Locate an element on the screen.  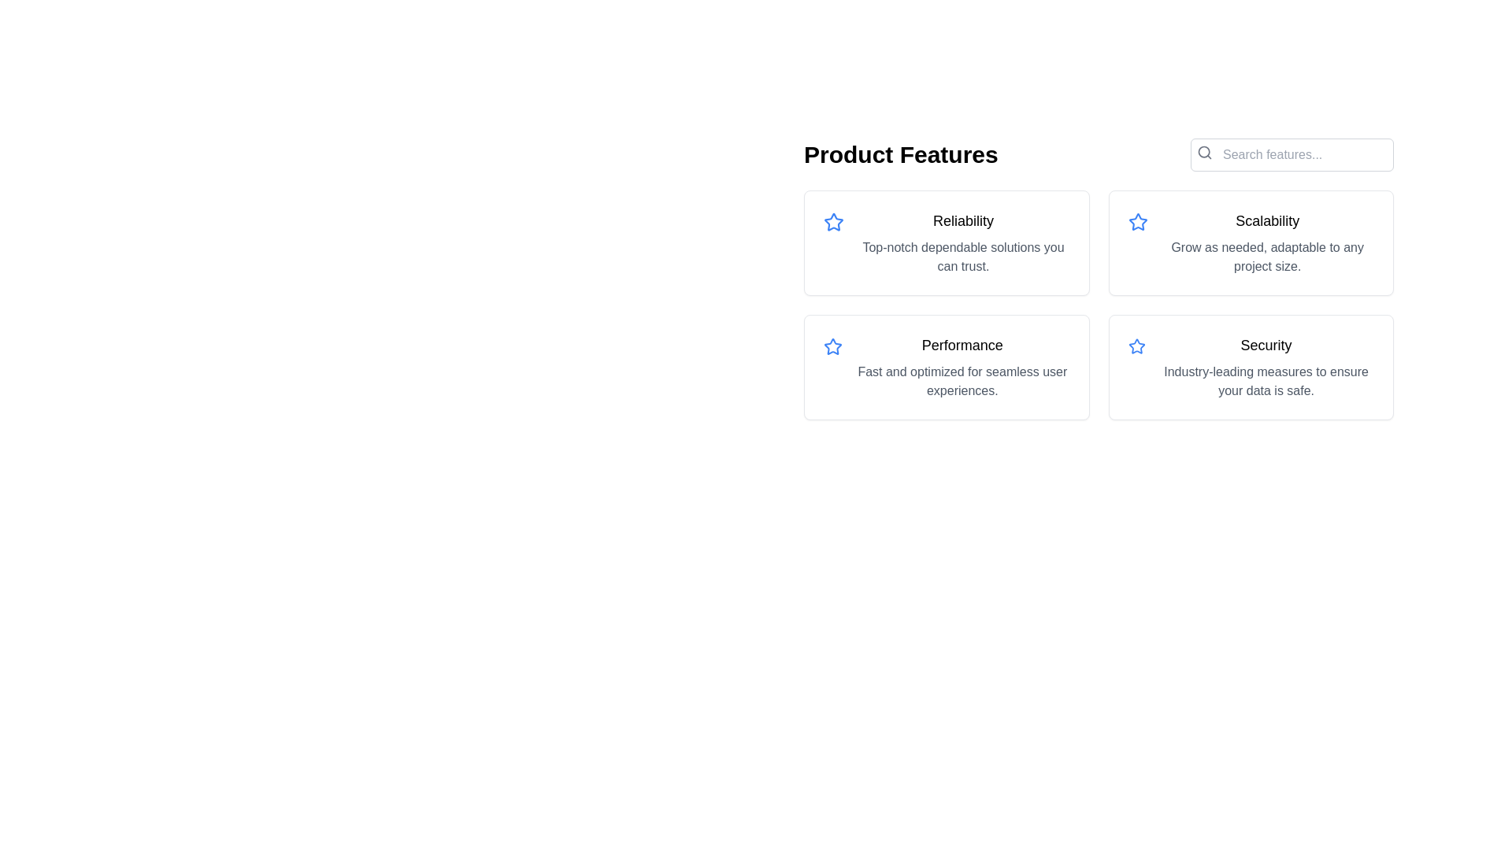
text block containing 'Grow as needed, adaptable to any project size.' located below the title 'Scalability' in the top-right corner of the feature description card is located at coordinates (1267, 257).